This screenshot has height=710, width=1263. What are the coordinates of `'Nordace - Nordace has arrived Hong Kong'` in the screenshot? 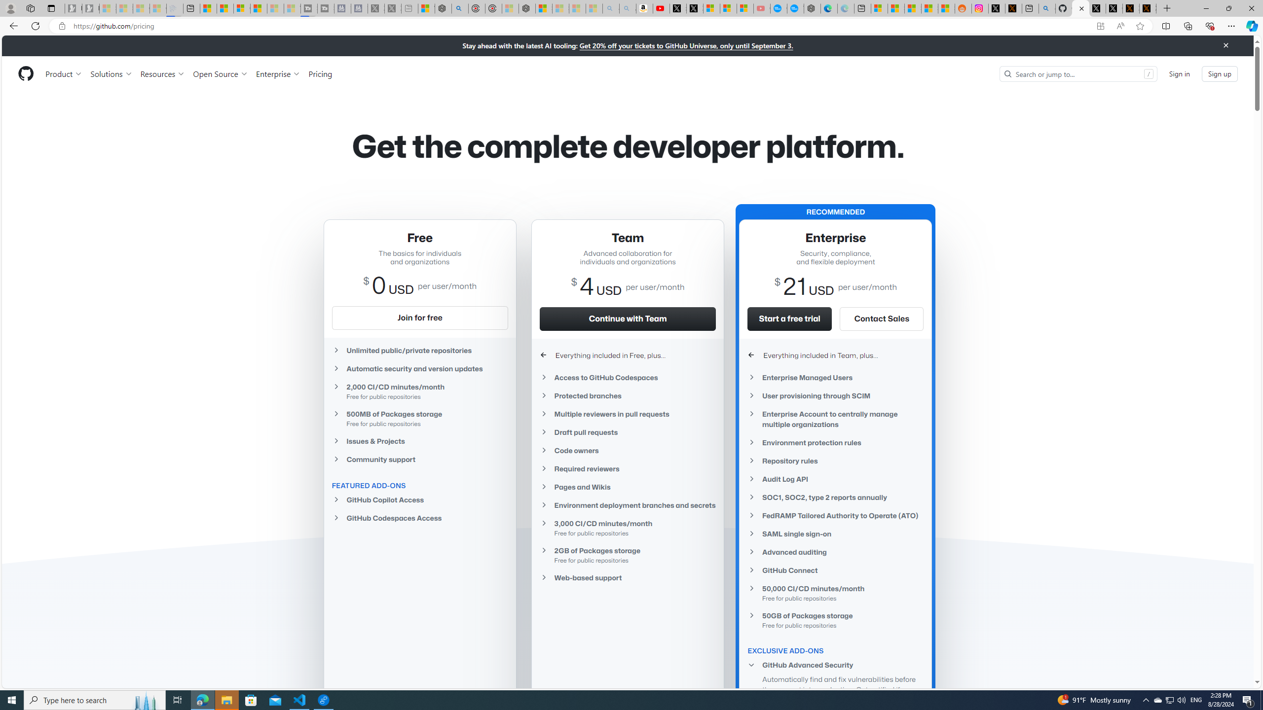 It's located at (812, 8).